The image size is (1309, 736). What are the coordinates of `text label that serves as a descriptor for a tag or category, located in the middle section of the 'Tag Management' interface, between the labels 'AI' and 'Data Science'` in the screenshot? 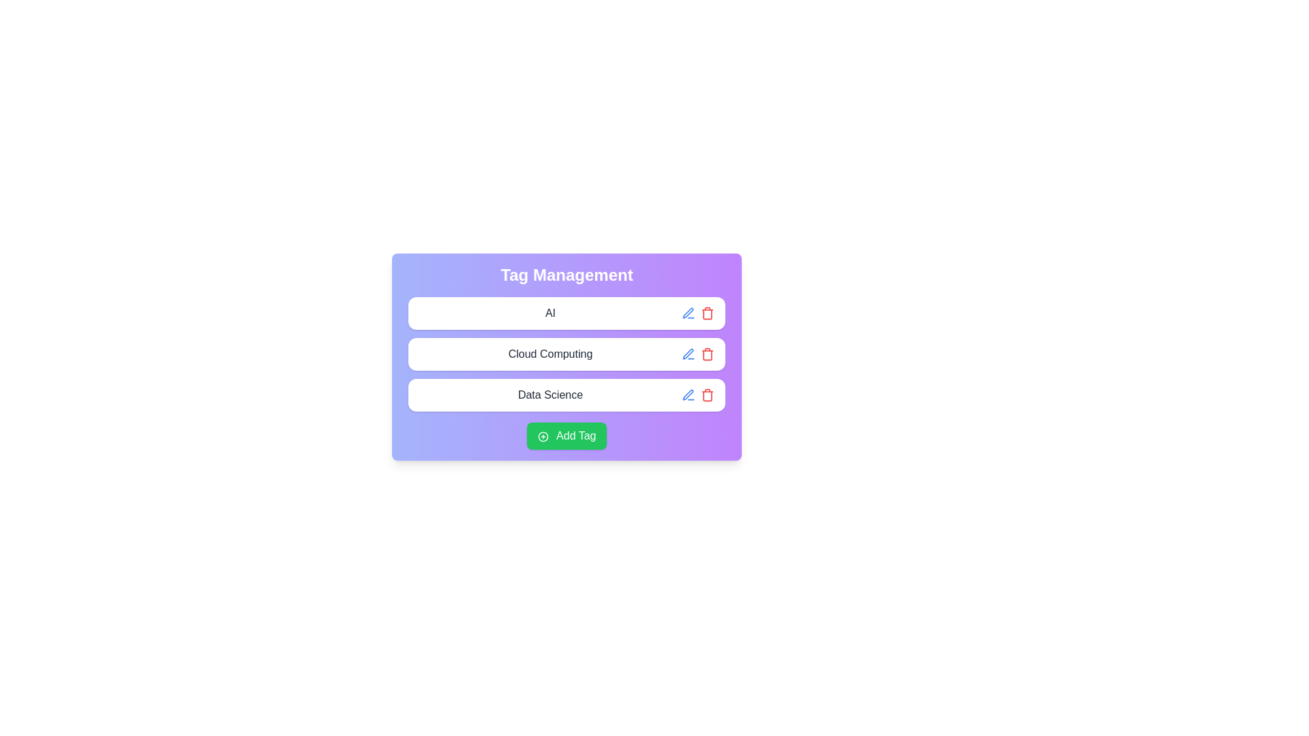 It's located at (550, 354).